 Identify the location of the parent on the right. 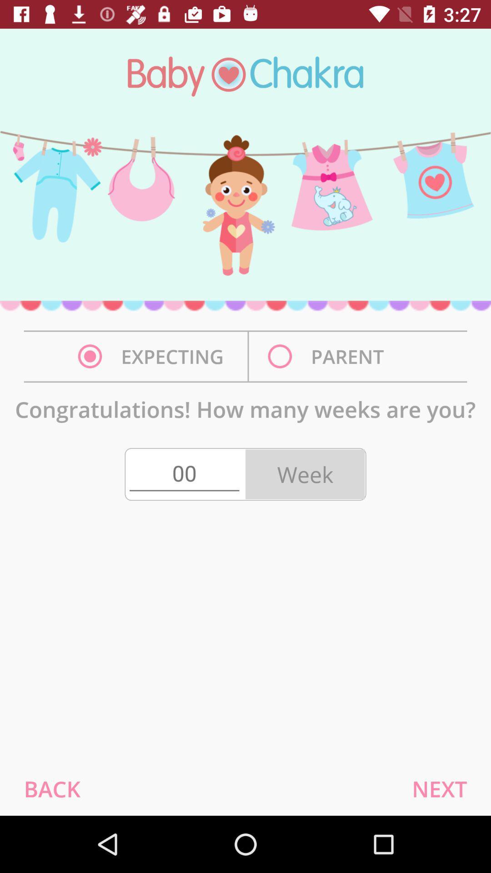
(328, 356).